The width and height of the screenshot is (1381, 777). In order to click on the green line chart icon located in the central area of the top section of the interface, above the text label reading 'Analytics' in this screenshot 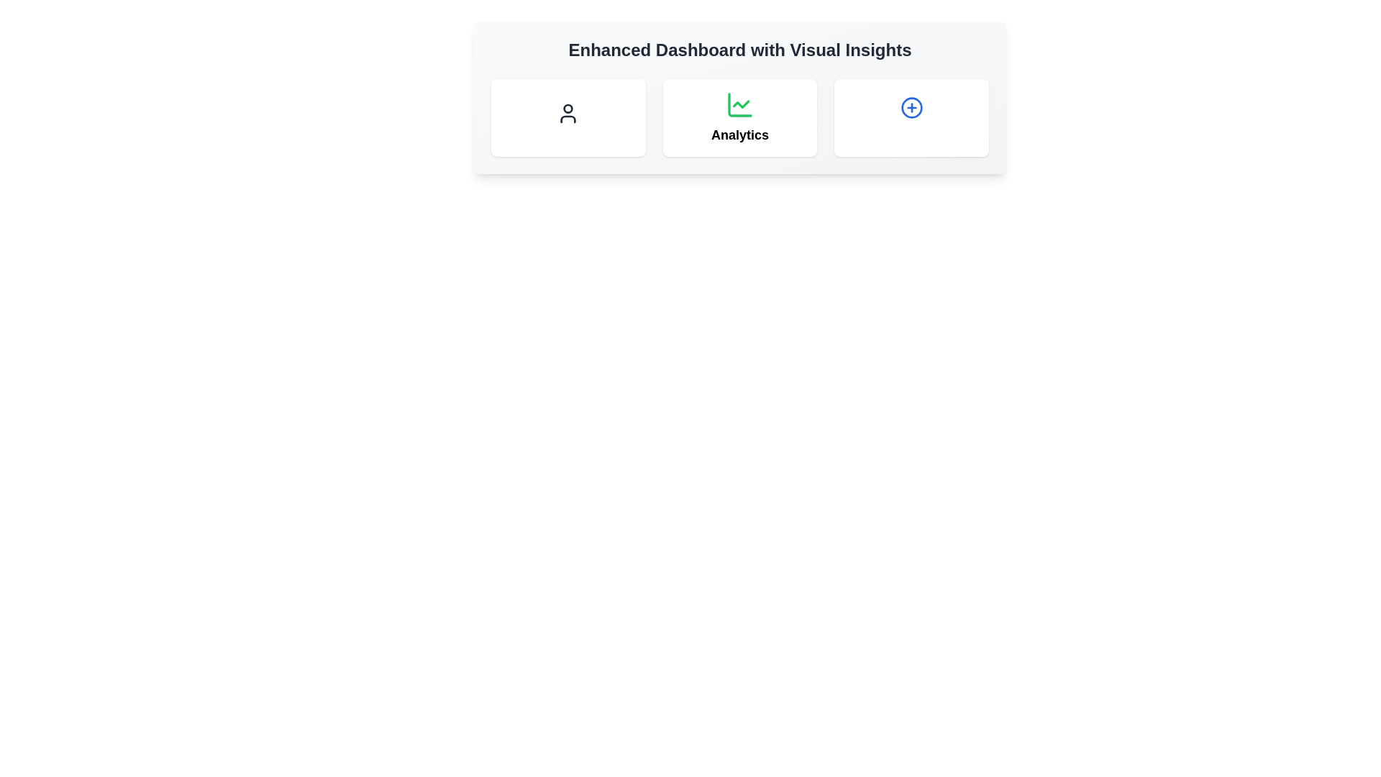, I will do `click(739, 104)`.